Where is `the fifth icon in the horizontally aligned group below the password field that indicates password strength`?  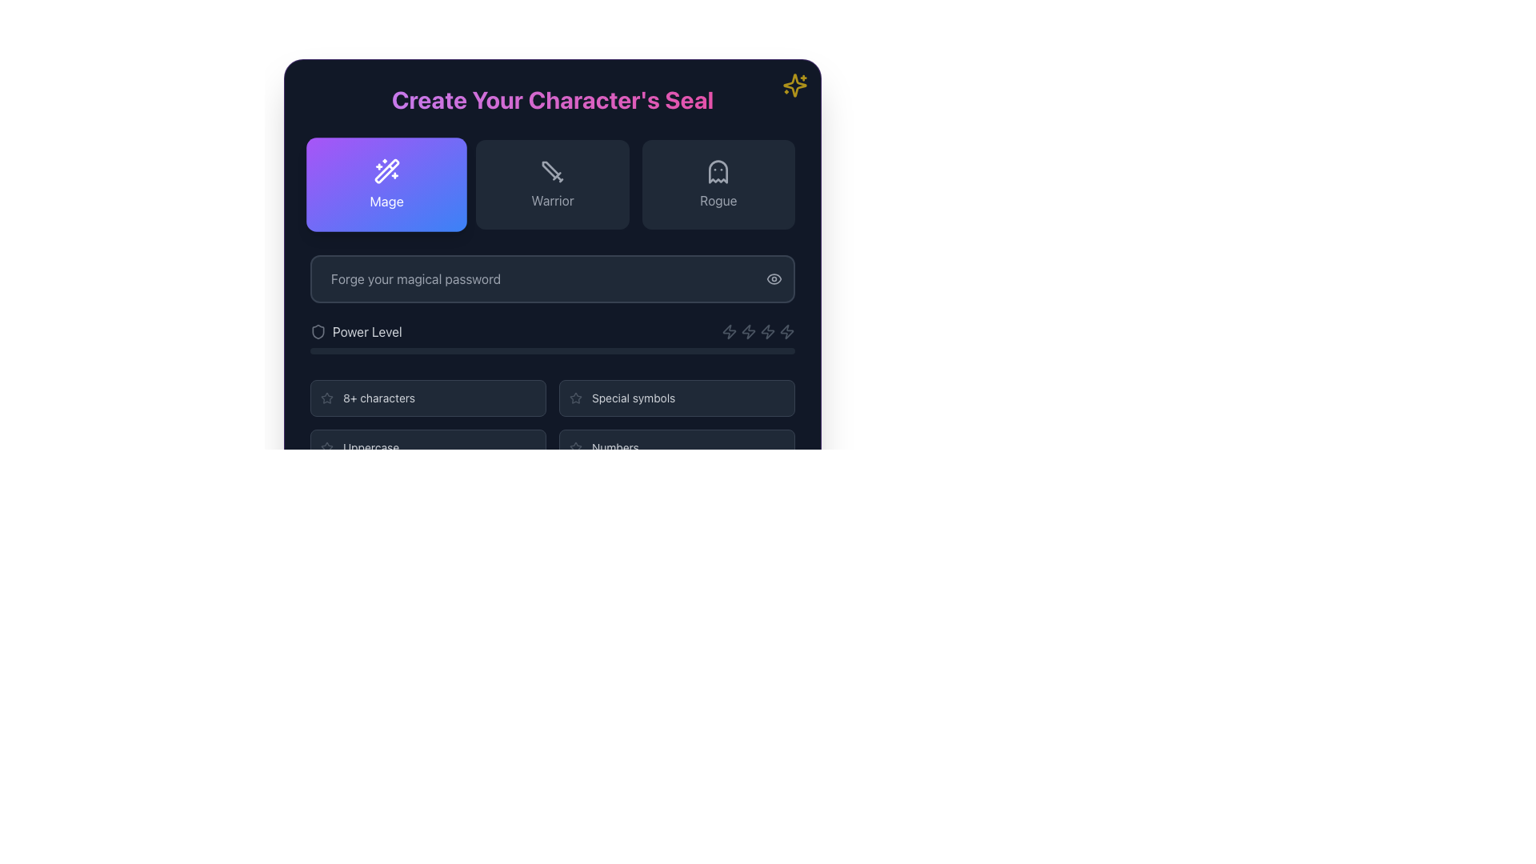 the fifth icon in the horizontally aligned group below the password field that indicates password strength is located at coordinates (768, 331).